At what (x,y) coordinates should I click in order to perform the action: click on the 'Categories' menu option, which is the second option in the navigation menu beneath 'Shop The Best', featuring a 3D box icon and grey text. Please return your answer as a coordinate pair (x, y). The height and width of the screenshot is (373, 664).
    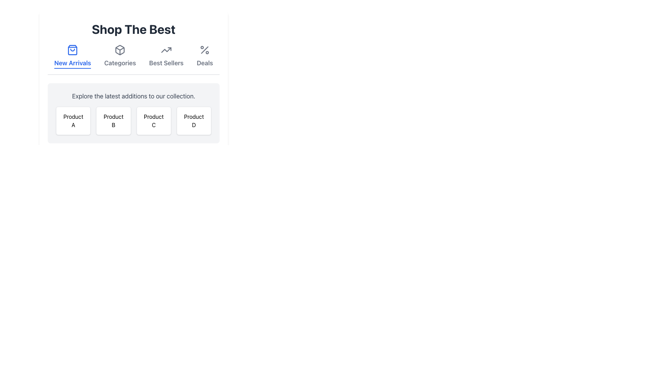
    Looking at the image, I should click on (120, 56).